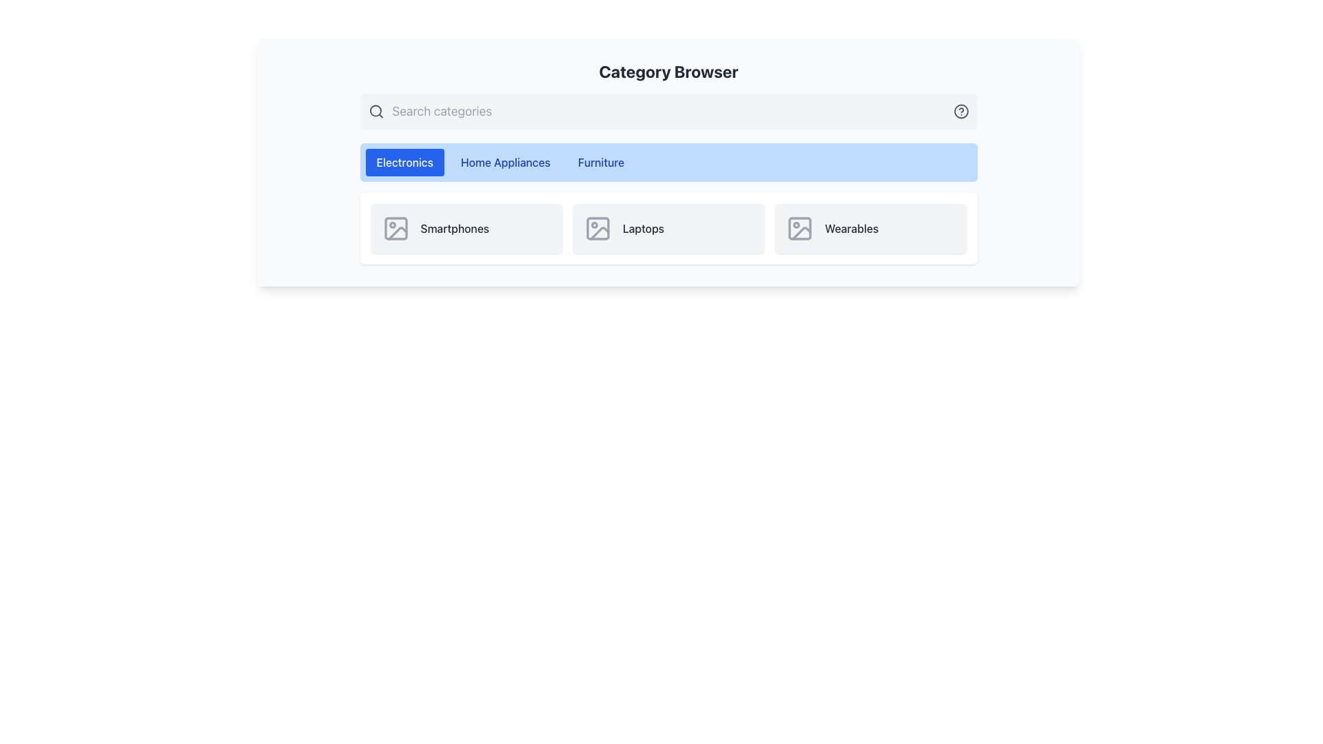 This screenshot has height=744, width=1323. I want to click on the 'Wearables' button, which is a rectangular button with a light gray background and an image placeholder icon, so click(870, 227).